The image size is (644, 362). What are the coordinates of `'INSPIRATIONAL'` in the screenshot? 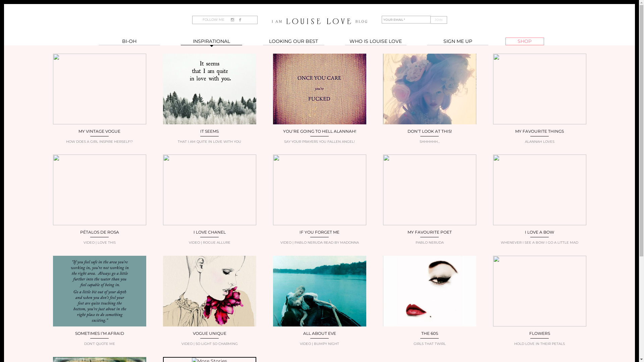 It's located at (211, 41).